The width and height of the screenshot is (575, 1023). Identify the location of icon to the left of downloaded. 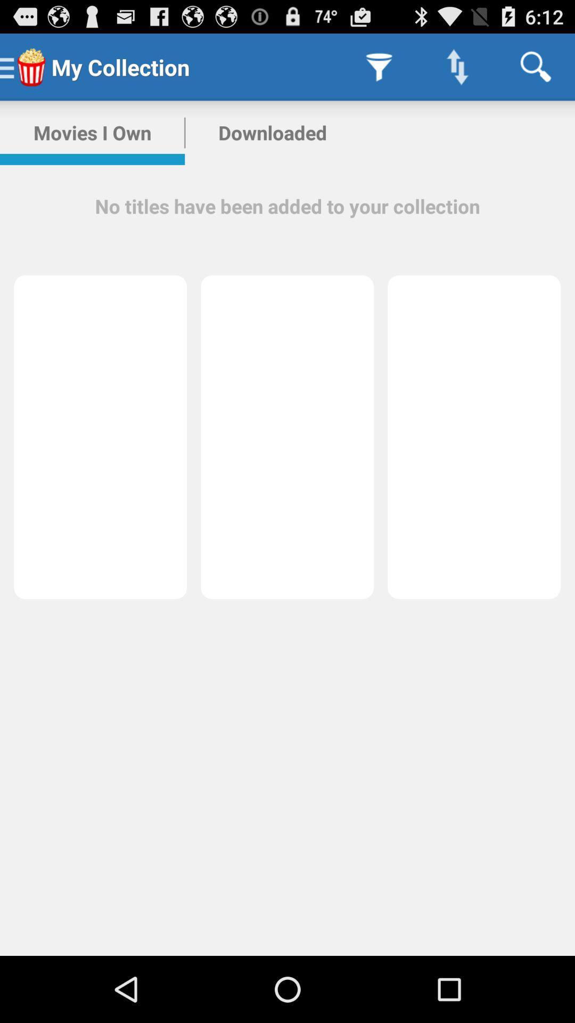
(92, 132).